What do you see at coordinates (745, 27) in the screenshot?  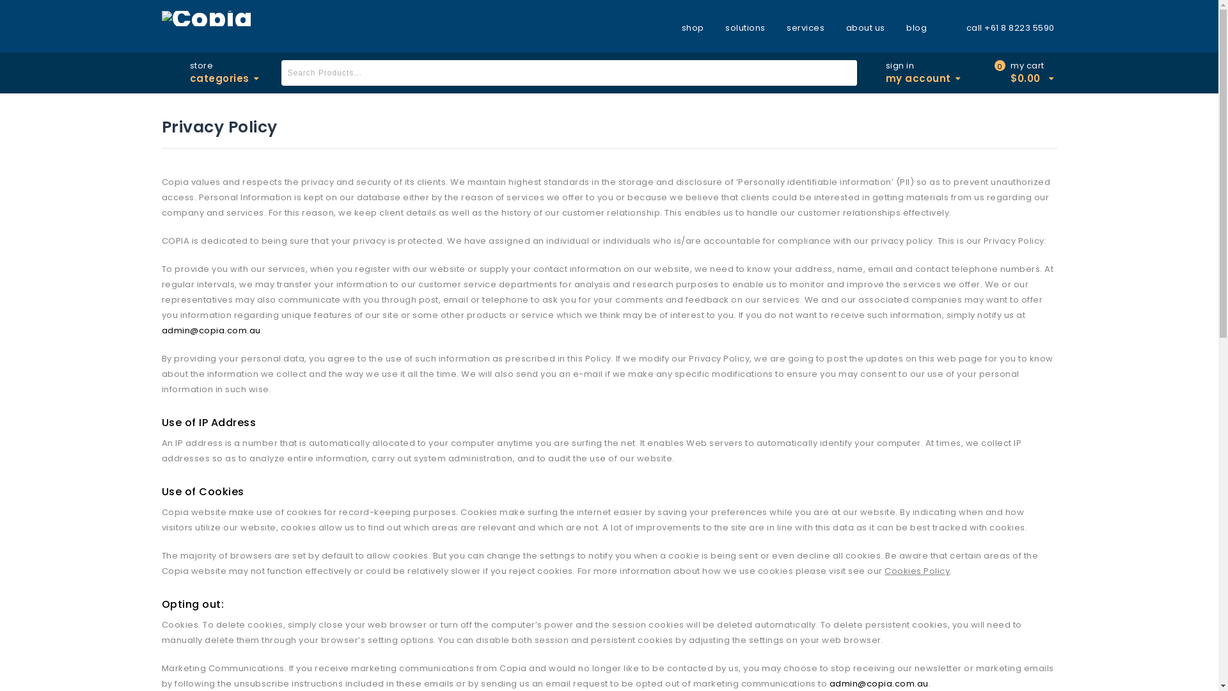 I see `'solutions'` at bounding box center [745, 27].